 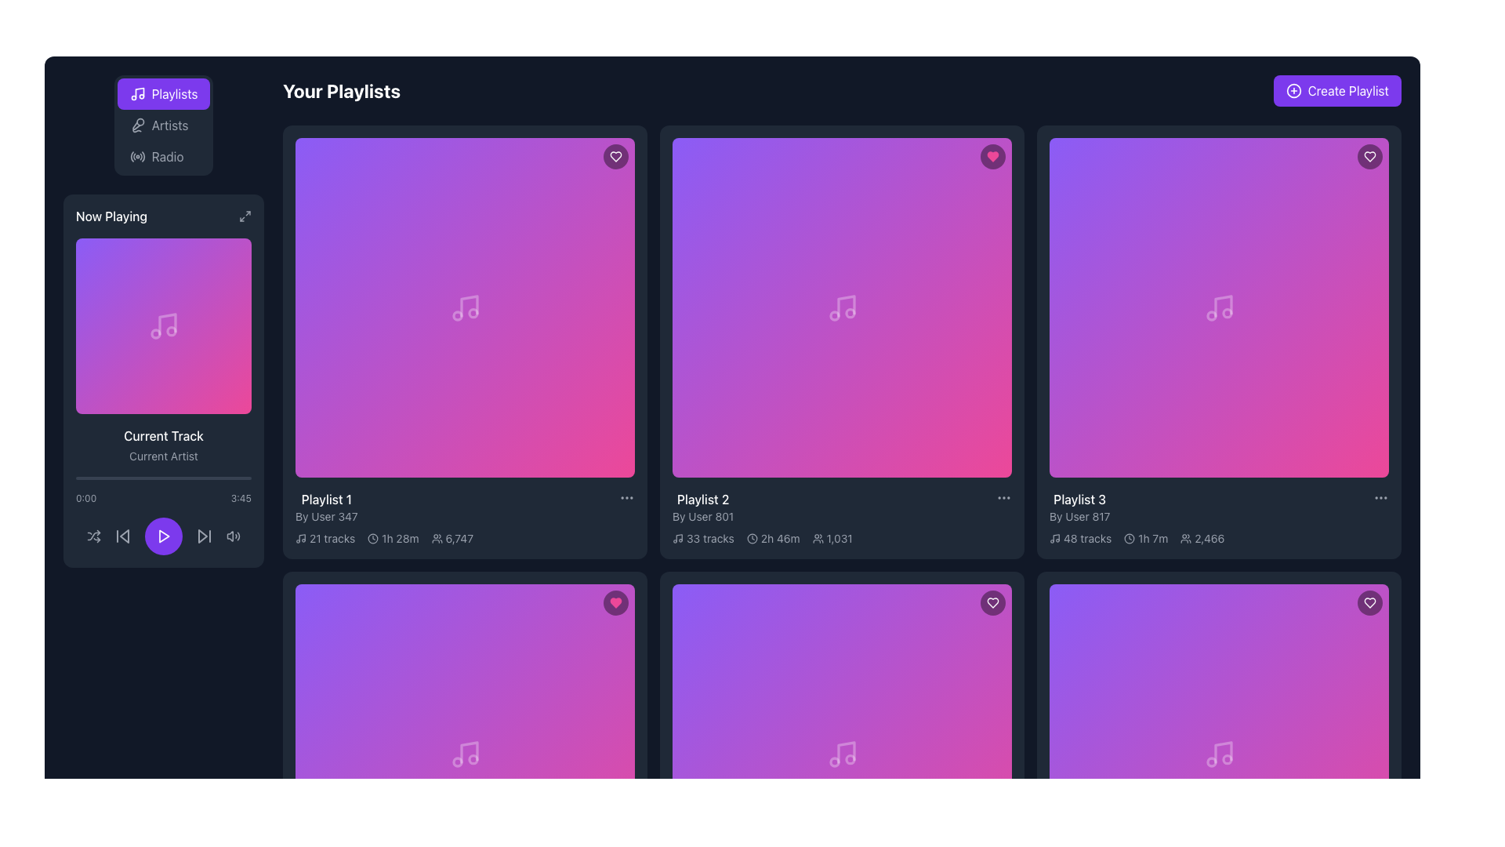 What do you see at coordinates (157, 157) in the screenshot?
I see `the 'Radio' button, which is a rectangular button with a dark background and a radio wave icon` at bounding box center [157, 157].